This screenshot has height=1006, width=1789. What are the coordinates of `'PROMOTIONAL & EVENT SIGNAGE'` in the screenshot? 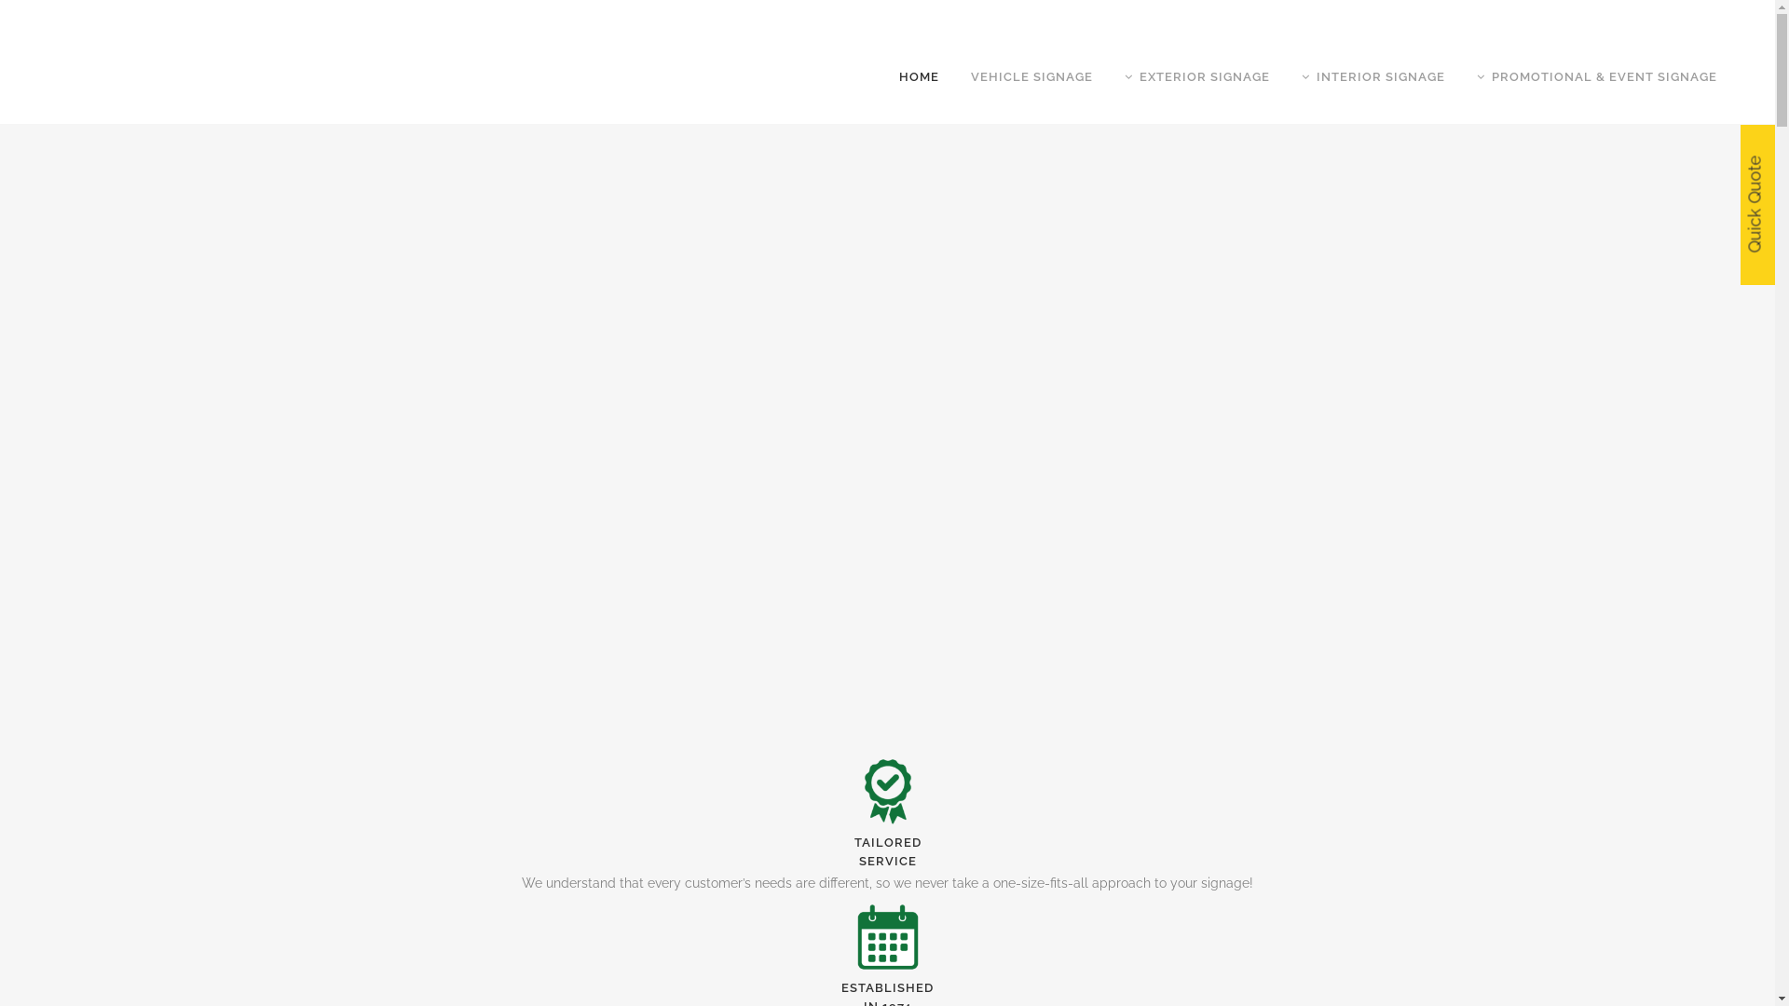 It's located at (1595, 76).